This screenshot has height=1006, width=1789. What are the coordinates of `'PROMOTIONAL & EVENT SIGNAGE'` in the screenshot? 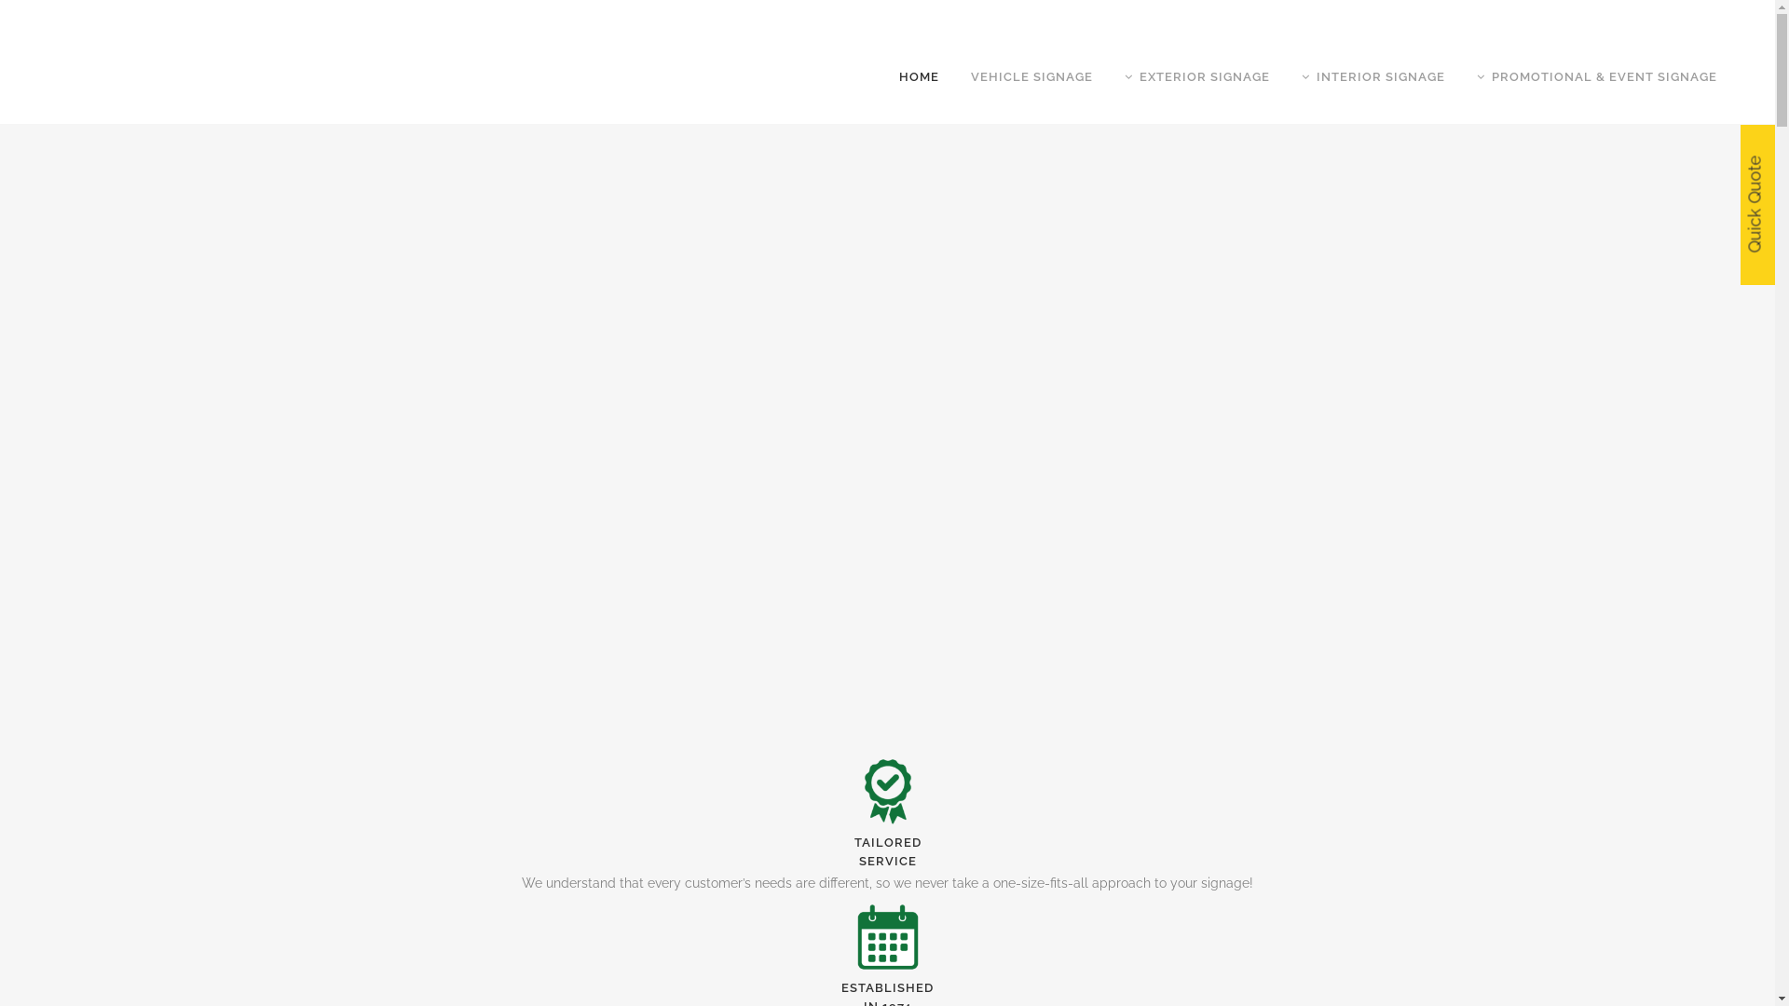 It's located at (1595, 76).